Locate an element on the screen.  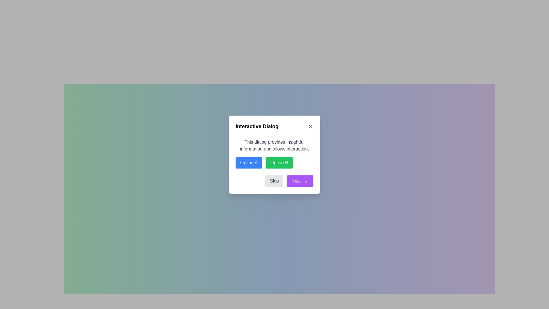
the 'Next' button, which is a rectangular purple button with white text and a right-pointing chevron icon, located at the bottom-right of the dialog box to proceed to the next step is located at coordinates (300, 181).